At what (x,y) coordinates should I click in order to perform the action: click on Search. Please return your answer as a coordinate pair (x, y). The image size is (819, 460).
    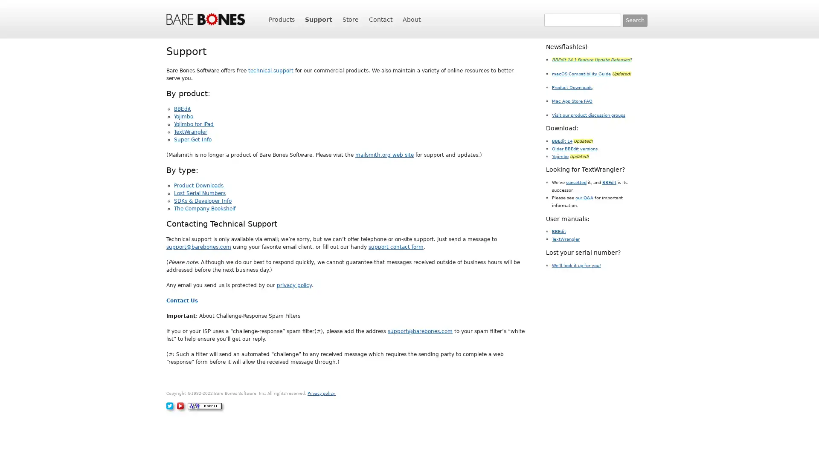
    Looking at the image, I should click on (635, 20).